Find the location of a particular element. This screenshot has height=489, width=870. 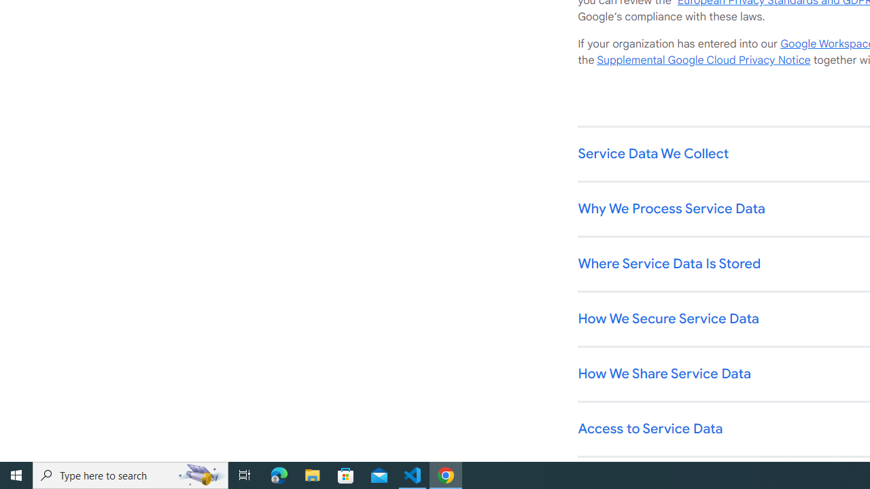

'Supplemental Google Cloud Privacy Notice' is located at coordinates (703, 60).